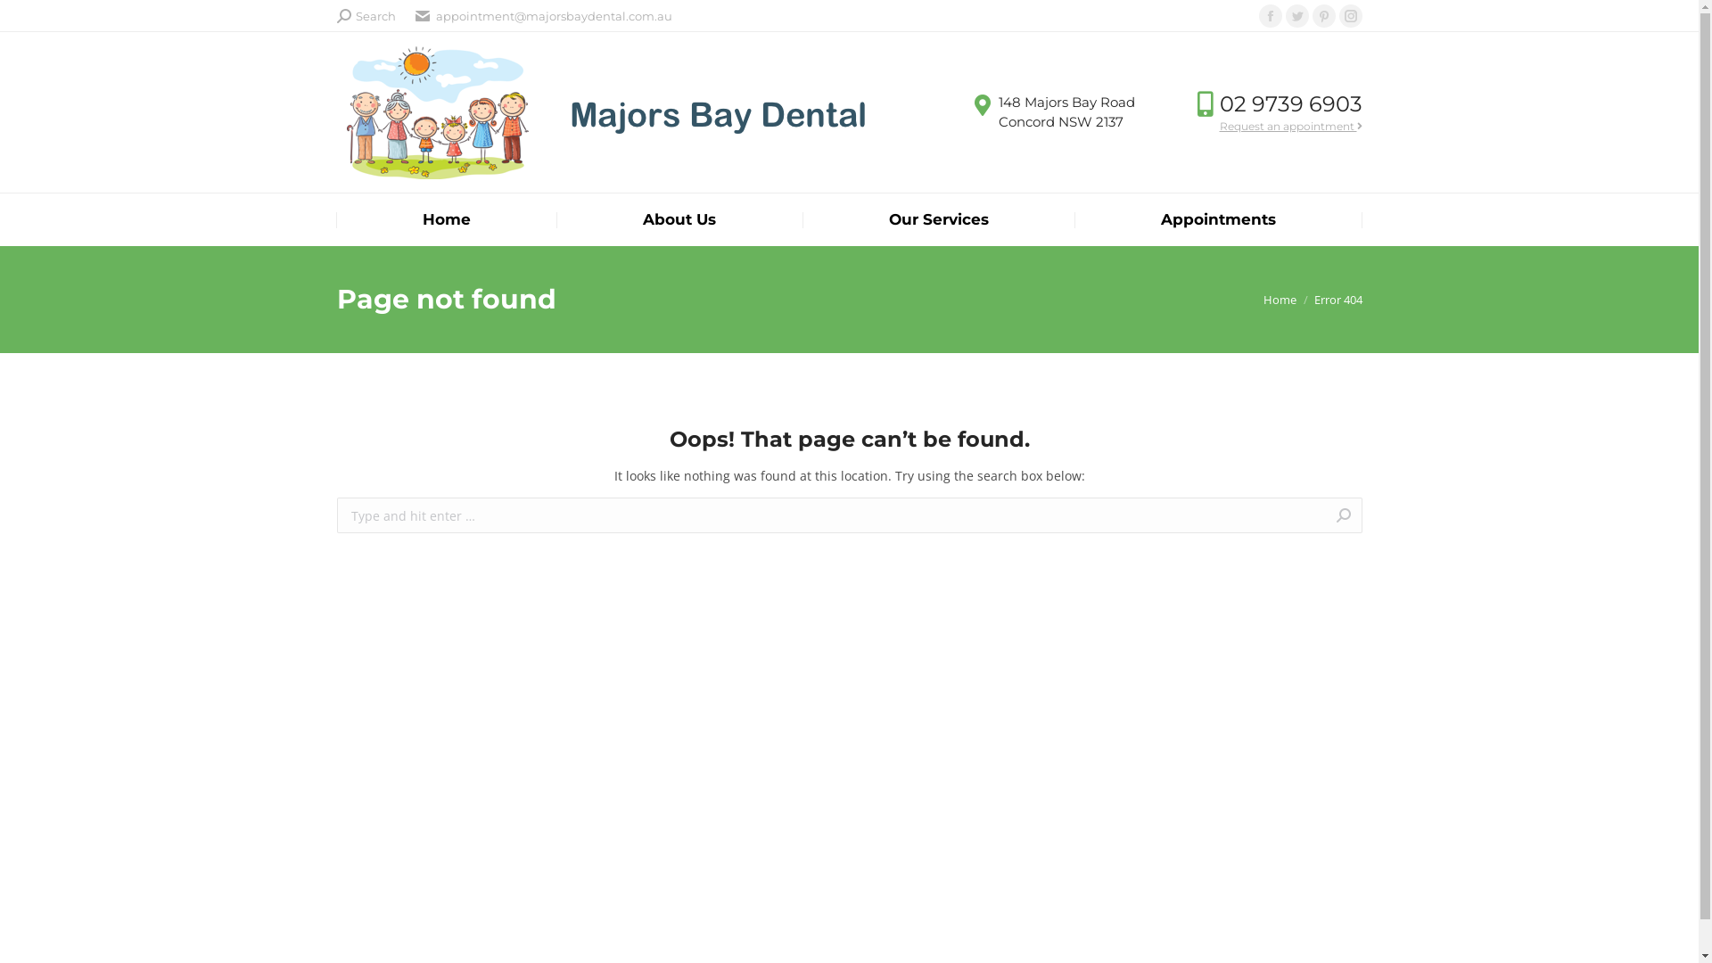 The height and width of the screenshot is (963, 1712). I want to click on 'Our Services', so click(937, 218).